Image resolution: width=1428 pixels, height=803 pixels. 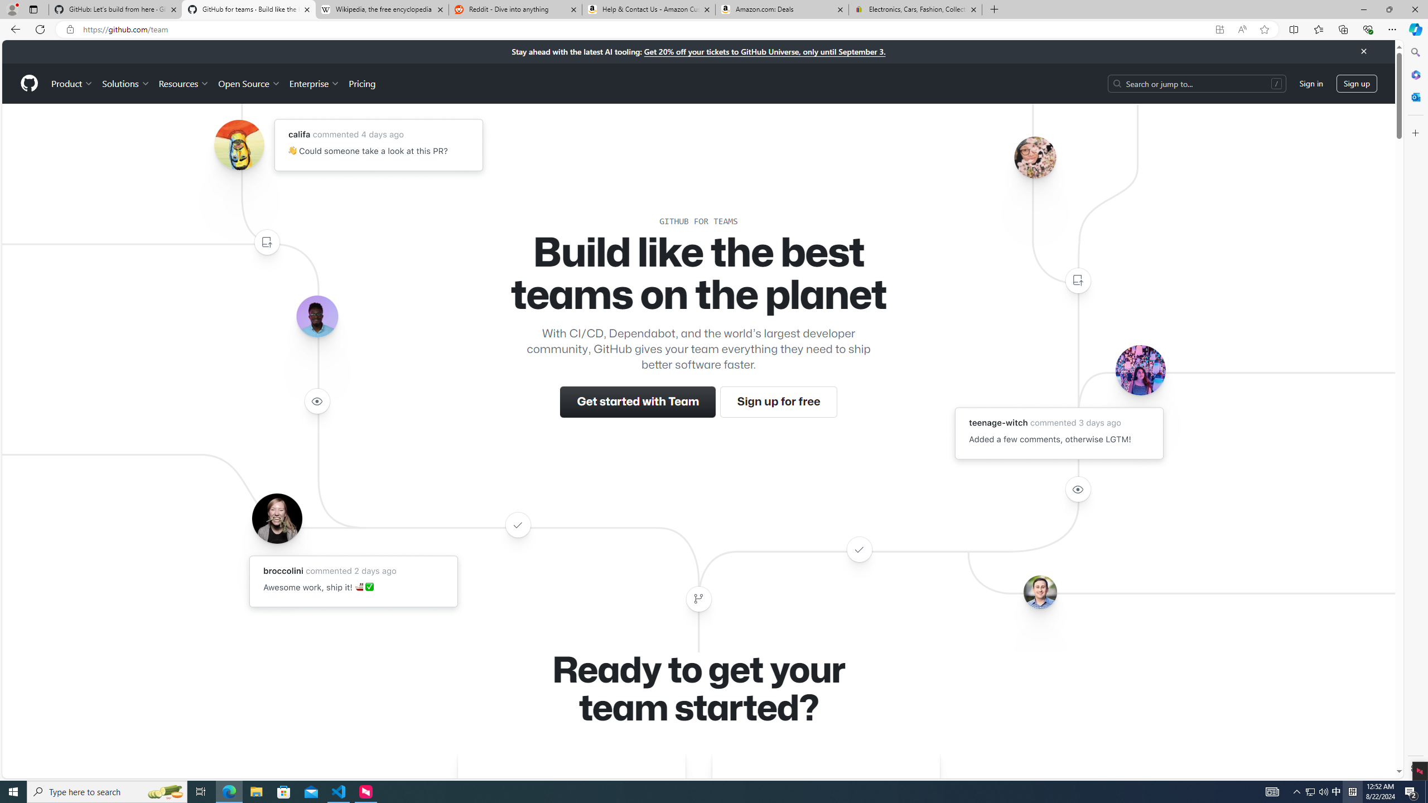 What do you see at coordinates (239, 144) in the screenshot?
I see `'Avatar of the user califa'` at bounding box center [239, 144].